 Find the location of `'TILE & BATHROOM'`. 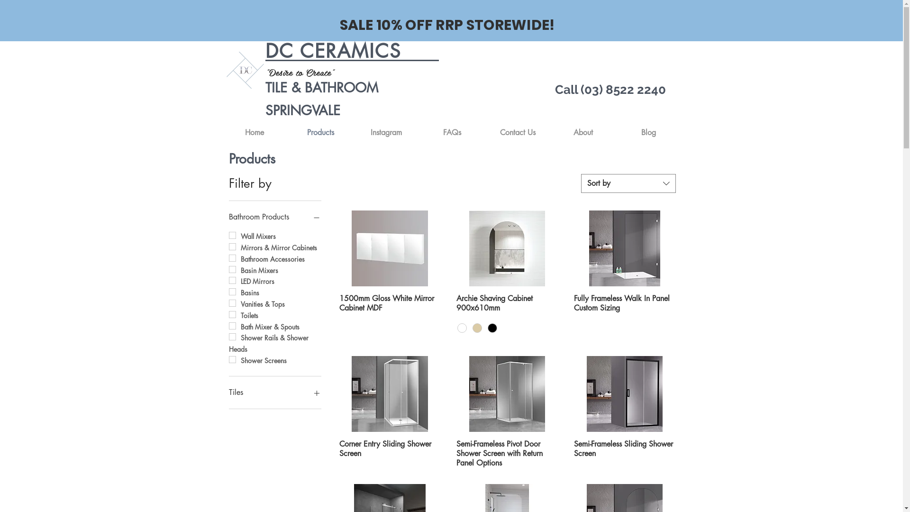

'TILE & BATHROOM' is located at coordinates (321, 88).